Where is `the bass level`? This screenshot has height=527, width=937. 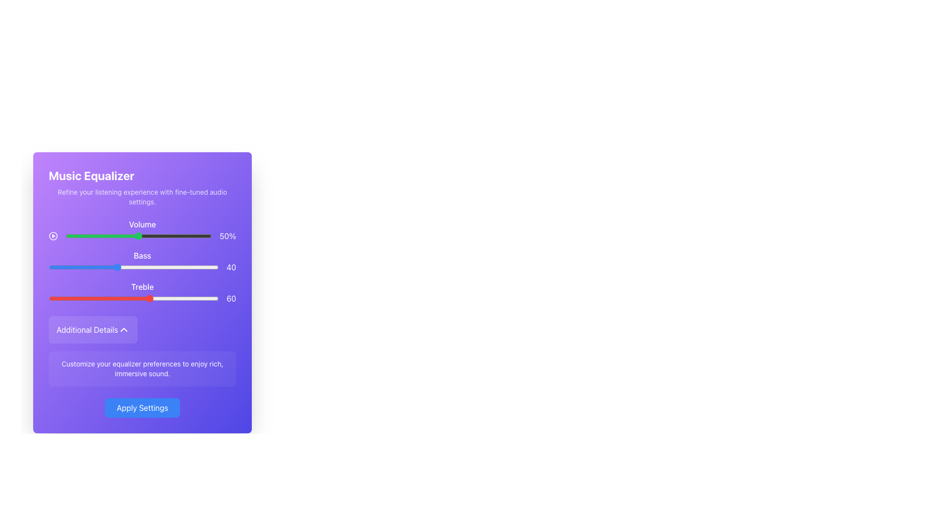 the bass level is located at coordinates (211, 267).